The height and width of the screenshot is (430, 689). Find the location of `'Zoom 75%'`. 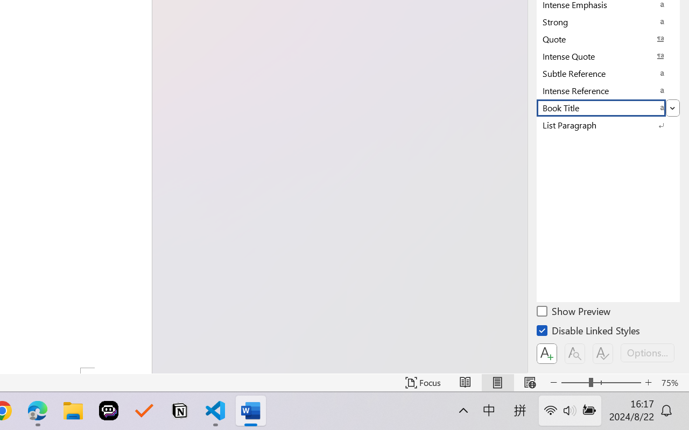

'Zoom 75%' is located at coordinates (672, 382).